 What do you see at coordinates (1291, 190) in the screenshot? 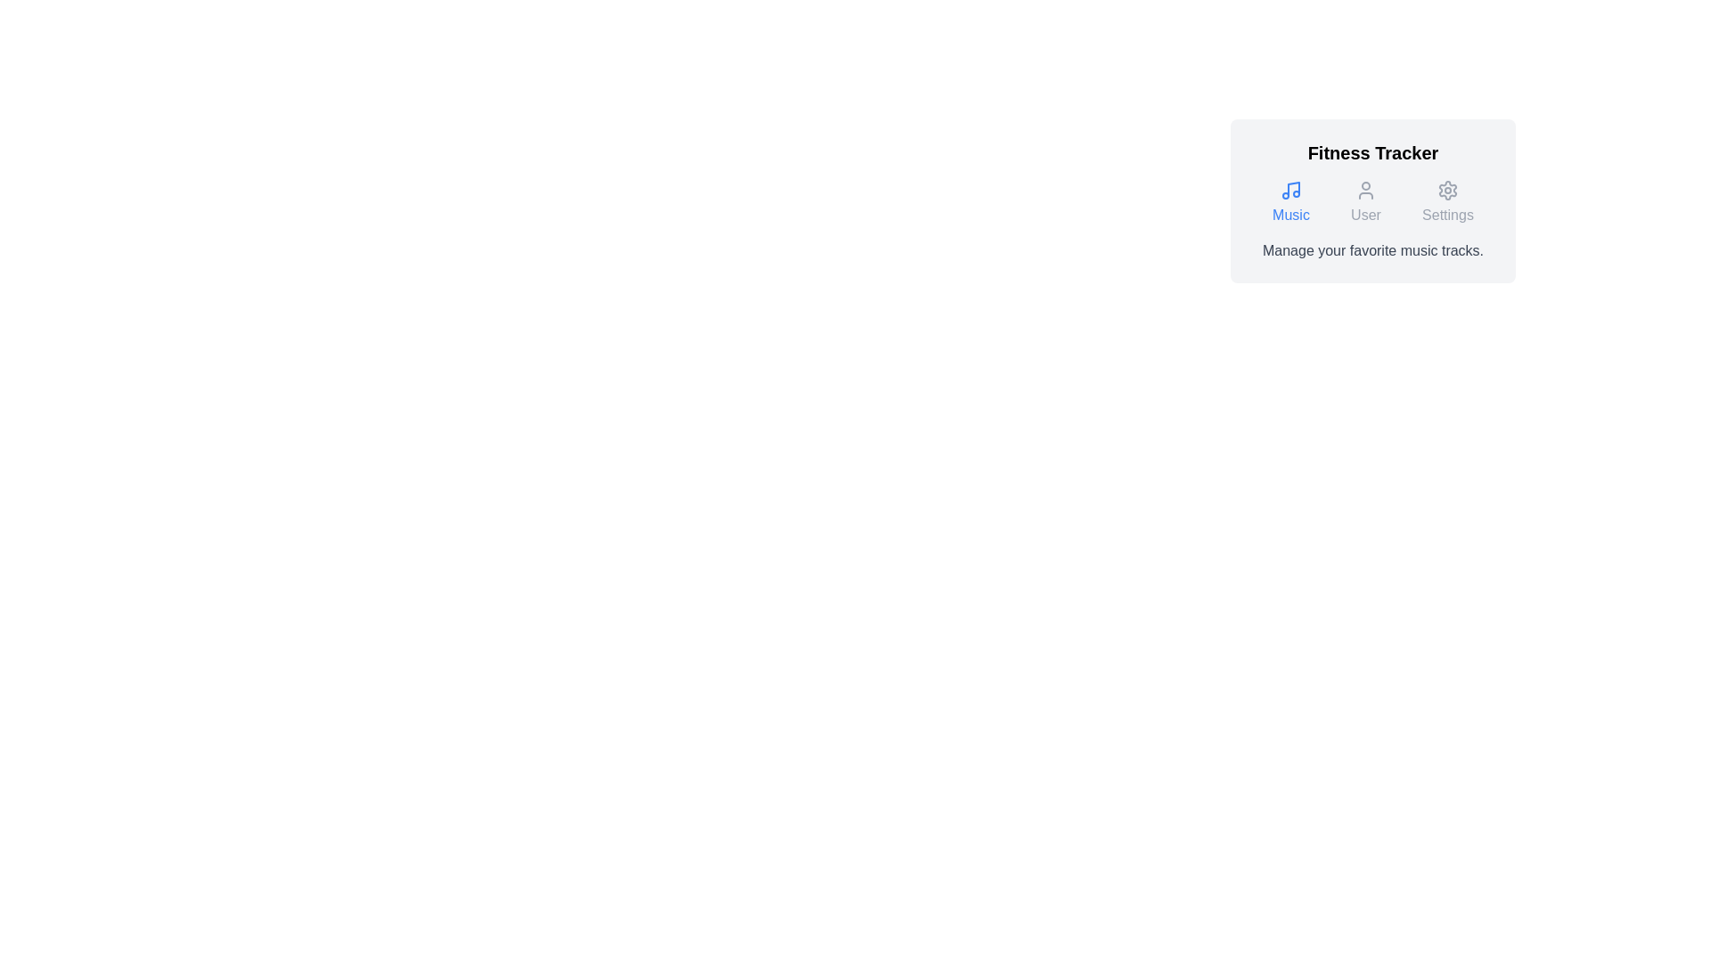
I see `the music icon, which is the leftmost element in the group above the text 'Music'` at bounding box center [1291, 190].